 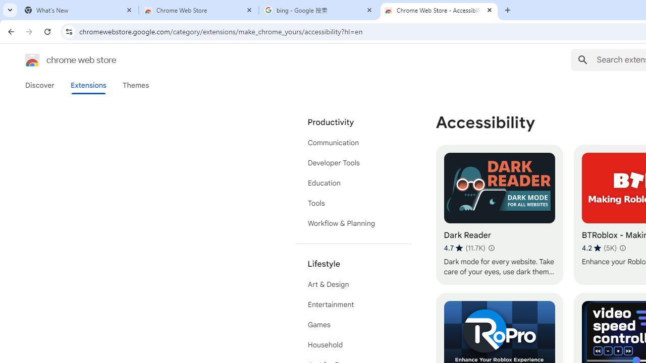 I want to click on 'Developer Tools', so click(x=353, y=162).